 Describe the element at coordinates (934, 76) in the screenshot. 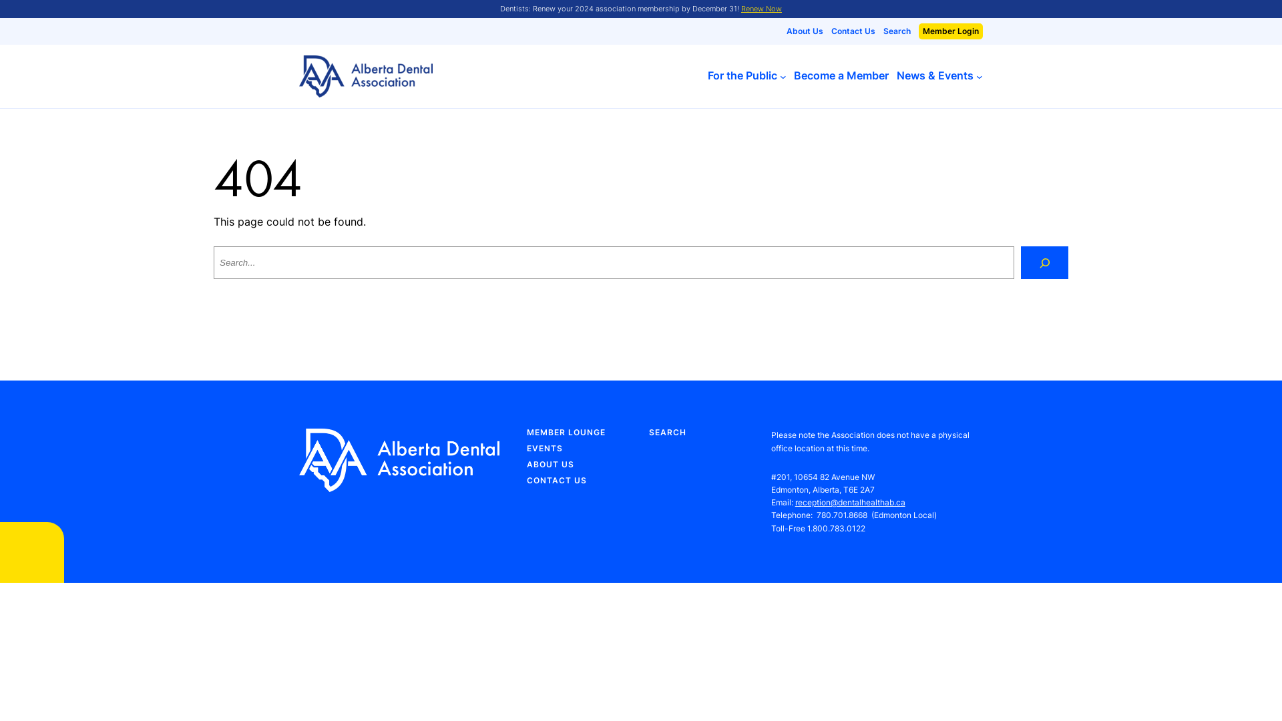

I see `'News & Events'` at that location.